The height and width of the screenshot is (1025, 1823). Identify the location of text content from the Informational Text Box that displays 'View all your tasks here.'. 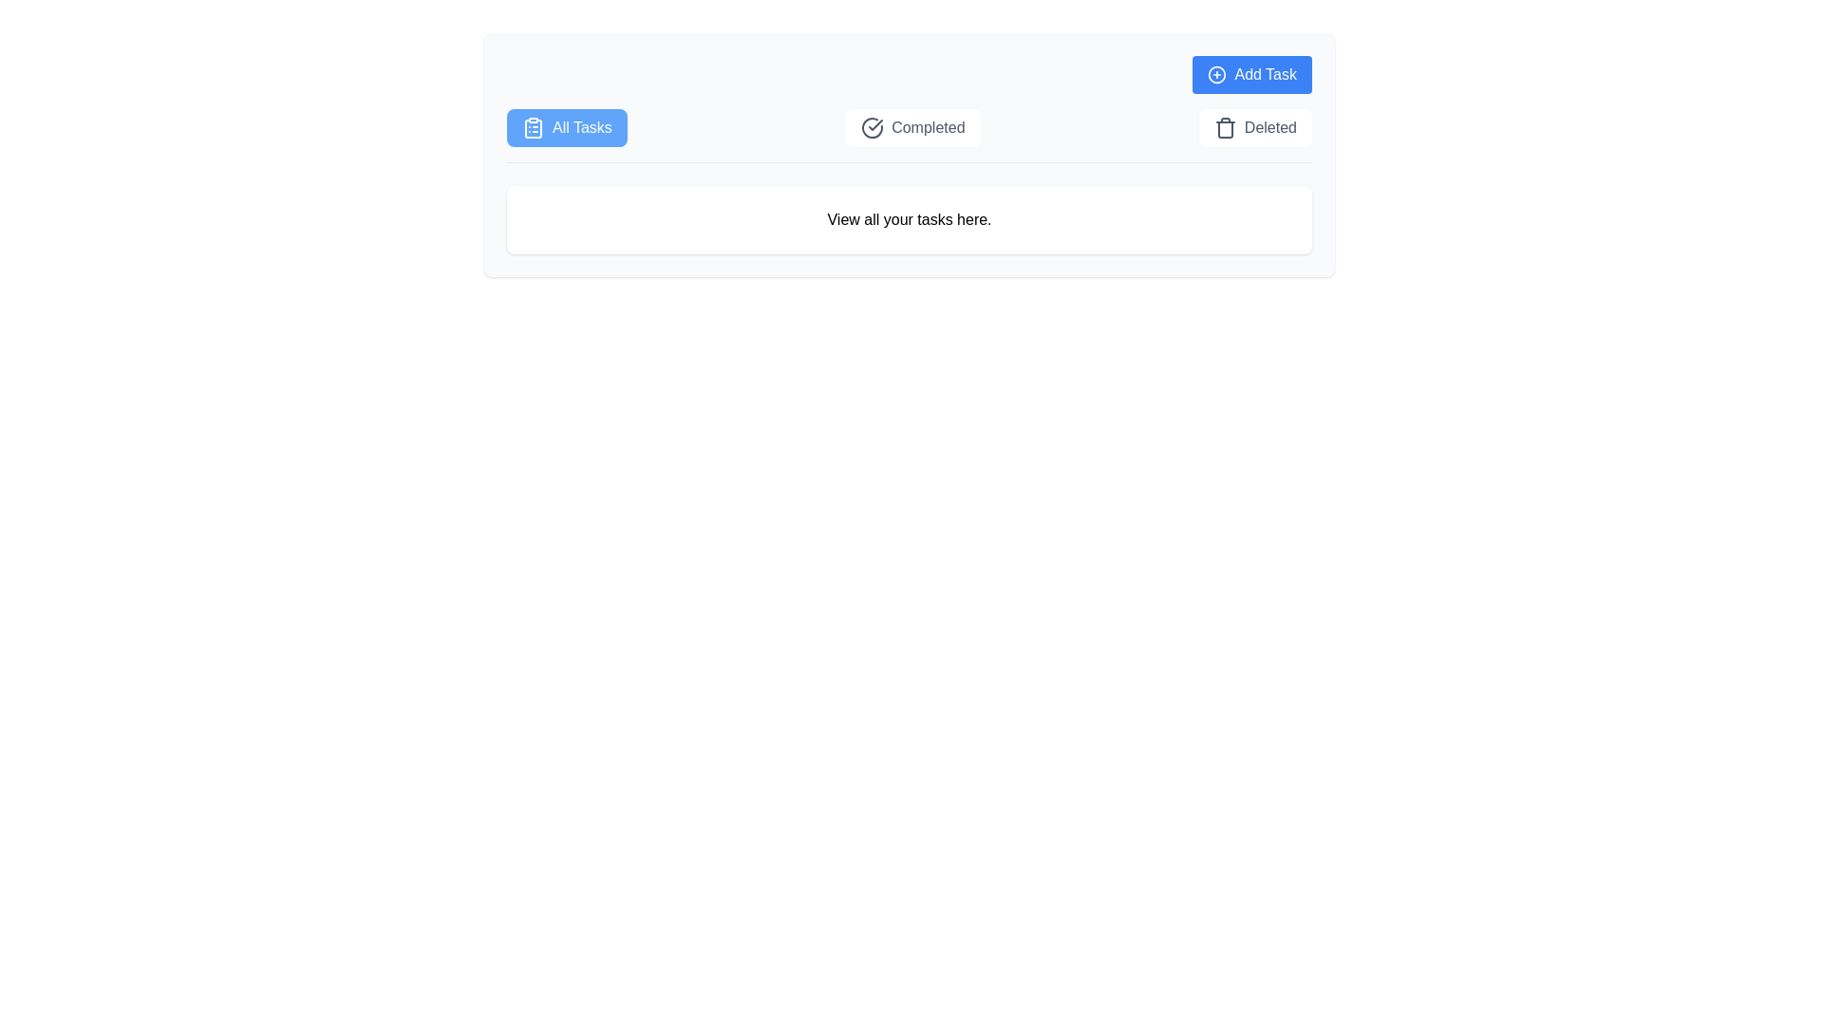
(909, 224).